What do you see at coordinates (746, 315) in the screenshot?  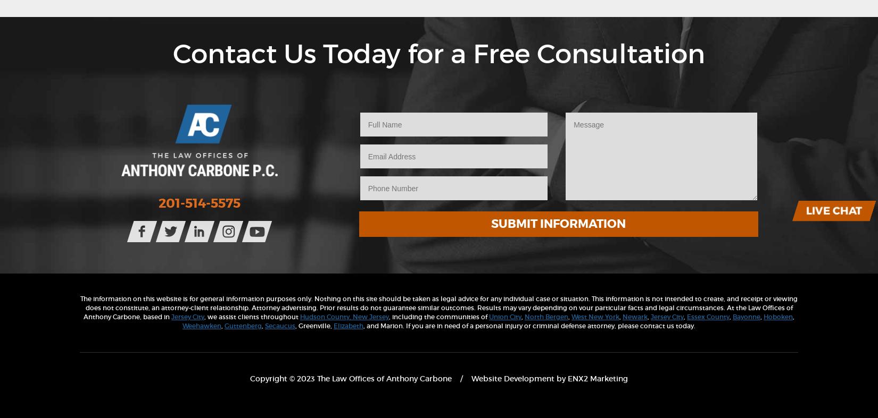 I see `'Bayonne'` at bounding box center [746, 315].